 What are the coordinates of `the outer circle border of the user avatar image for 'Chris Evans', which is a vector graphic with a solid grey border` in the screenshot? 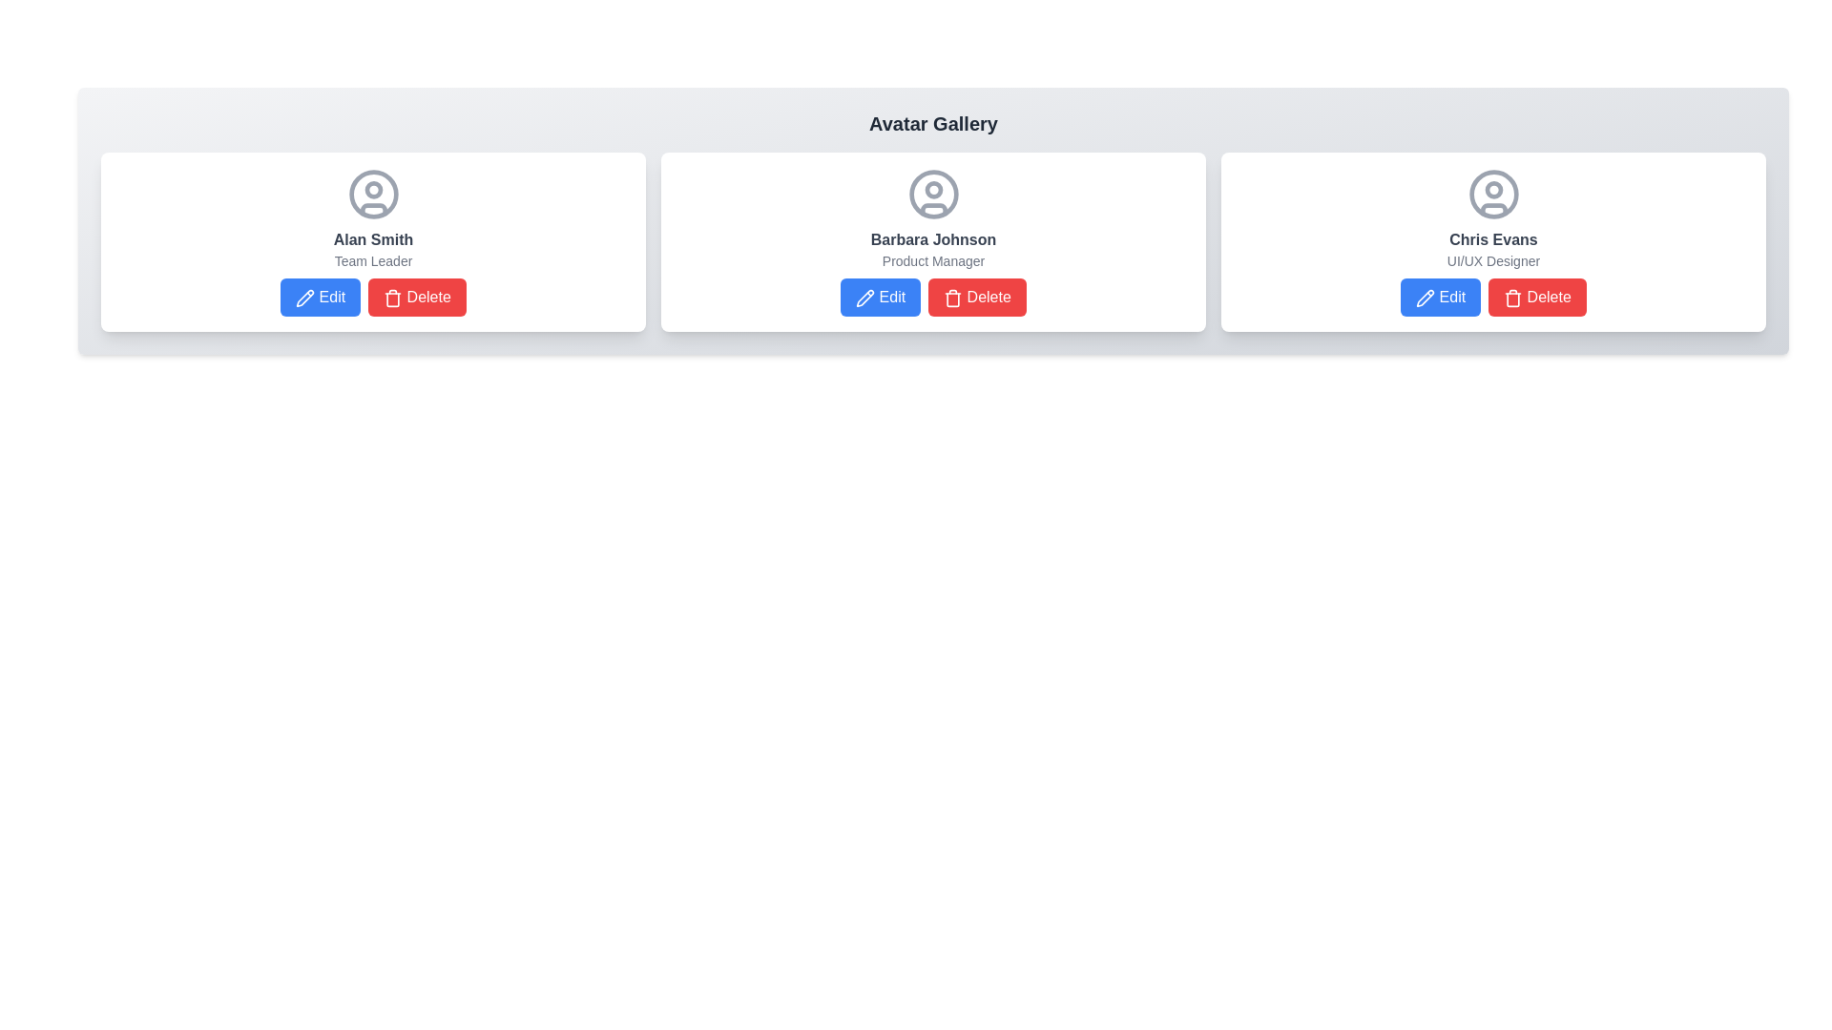 It's located at (1492, 195).